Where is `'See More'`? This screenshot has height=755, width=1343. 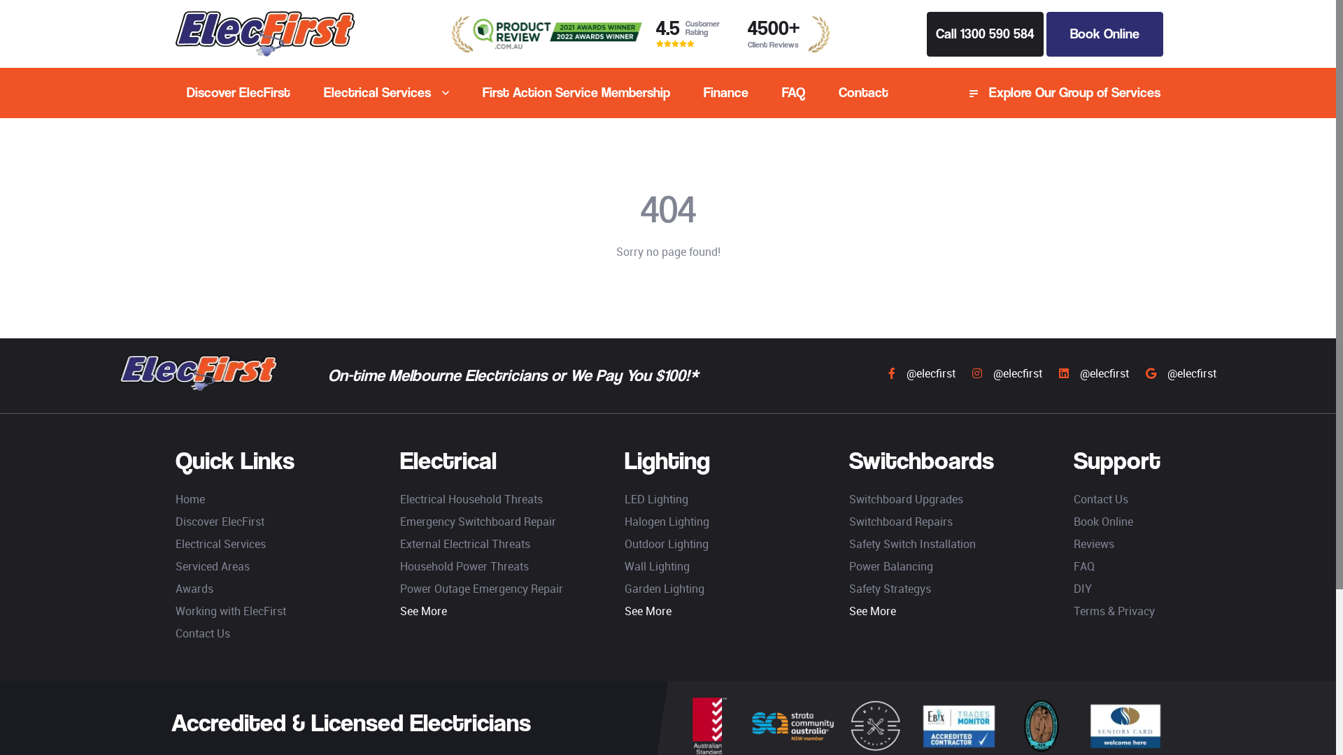 'See More' is located at coordinates (848, 610).